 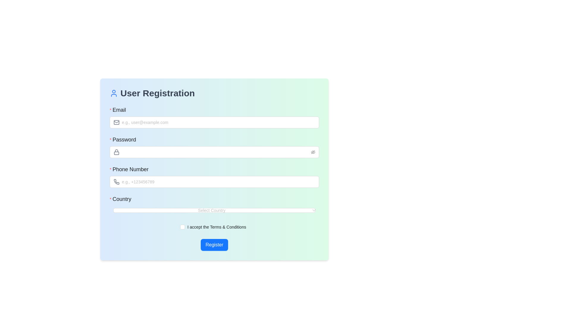 I want to click on the label indicating the purpose of the associated email input field located in the upper left portion of the registration form, so click(x=120, y=110).